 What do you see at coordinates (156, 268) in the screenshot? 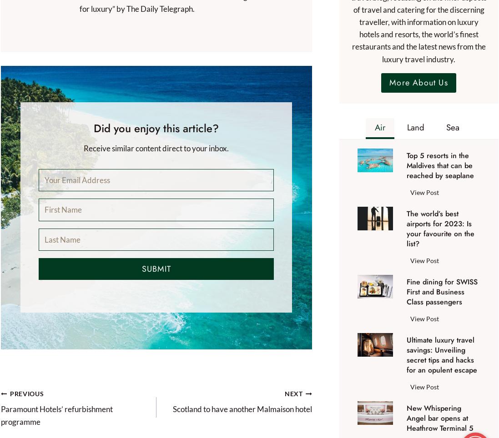
I see `'Submit'` at bounding box center [156, 268].